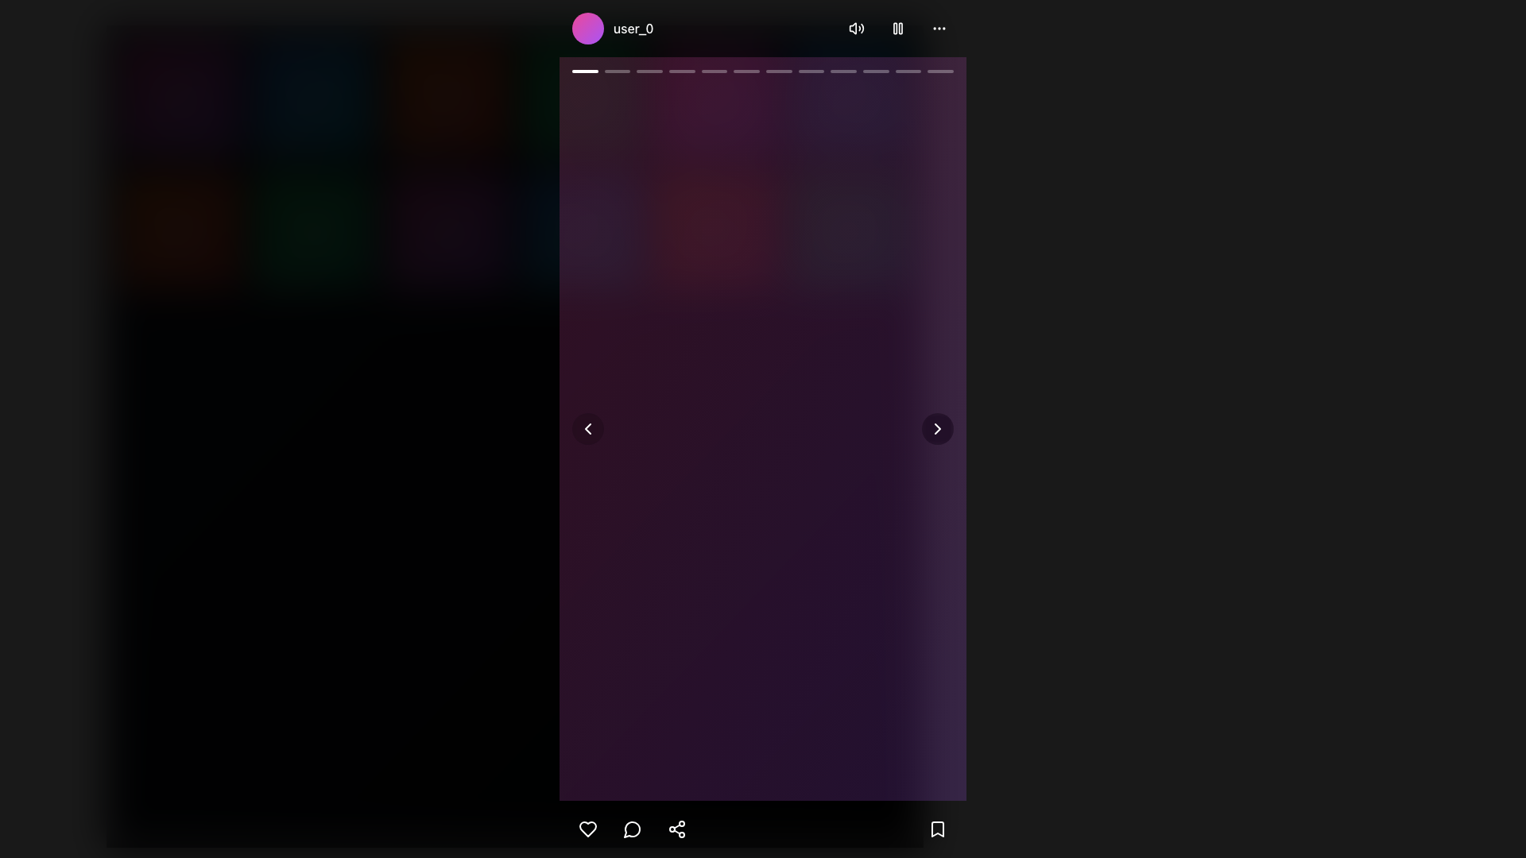 Image resolution: width=1526 pixels, height=858 pixels. Describe the element at coordinates (632, 829) in the screenshot. I see `the message-related icon button located` at that location.